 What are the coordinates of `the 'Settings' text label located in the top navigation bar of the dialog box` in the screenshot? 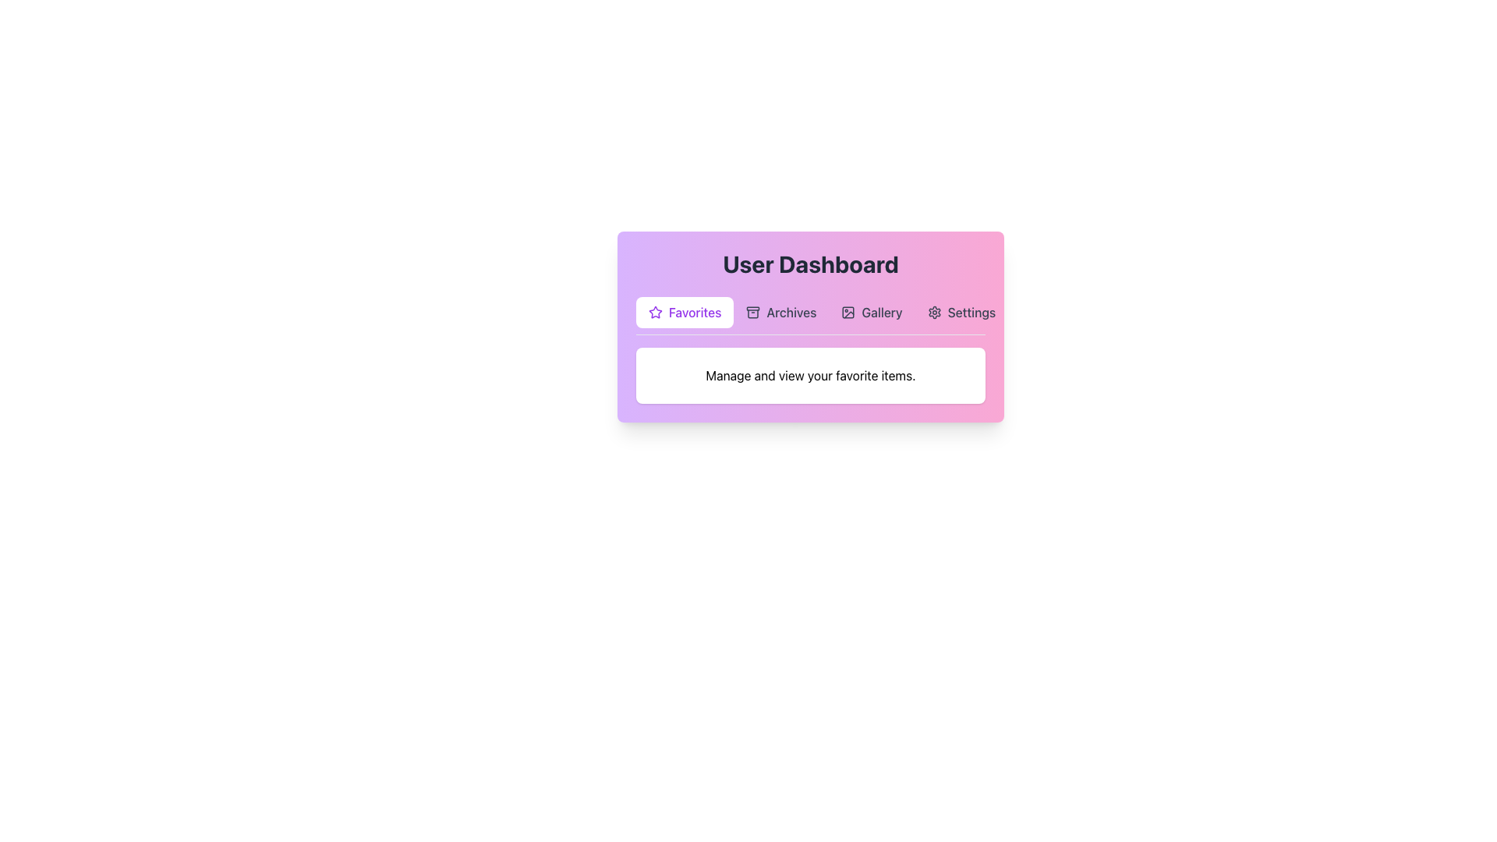 It's located at (971, 313).